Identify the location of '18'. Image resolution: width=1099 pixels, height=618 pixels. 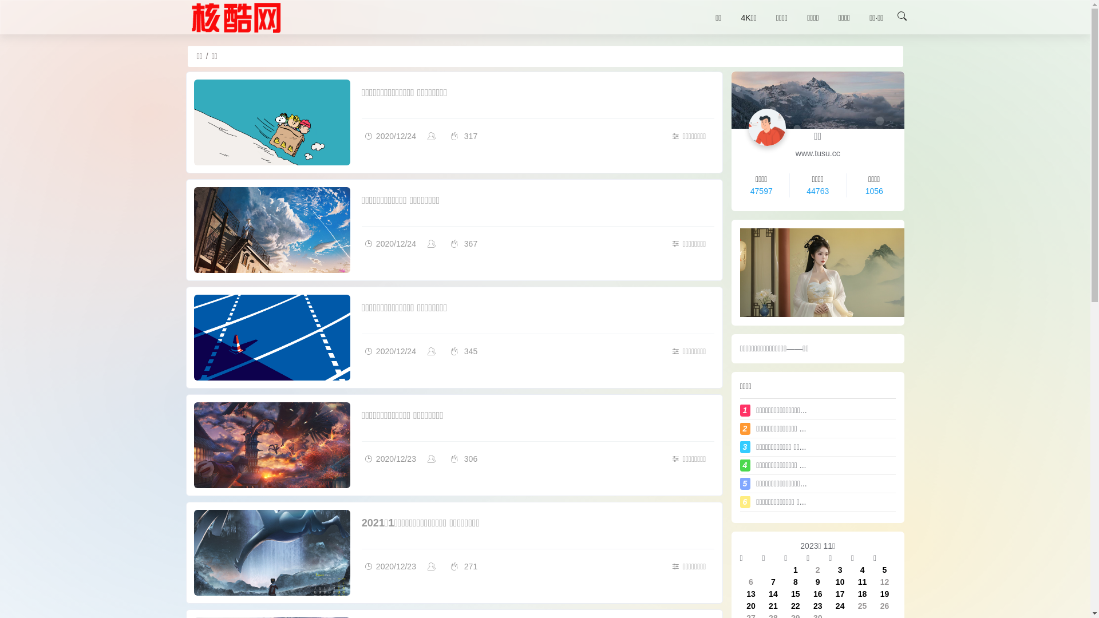
(857, 593).